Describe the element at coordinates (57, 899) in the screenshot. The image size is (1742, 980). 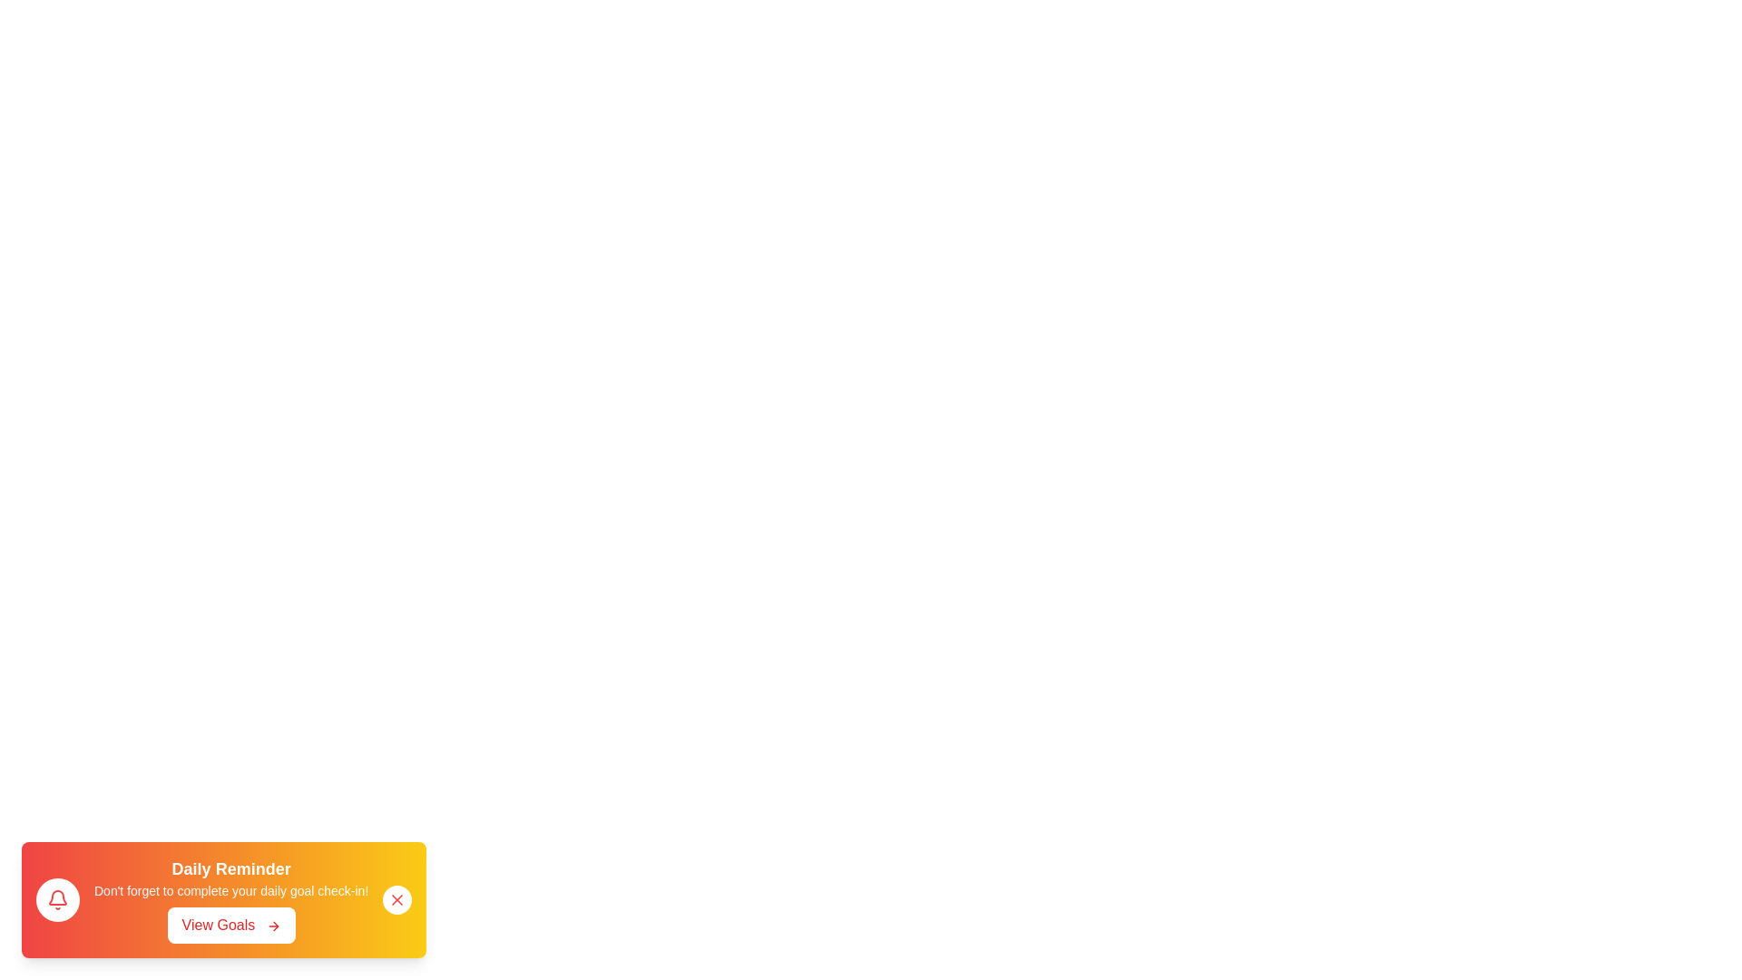
I see `the bell icon to interact with it` at that location.